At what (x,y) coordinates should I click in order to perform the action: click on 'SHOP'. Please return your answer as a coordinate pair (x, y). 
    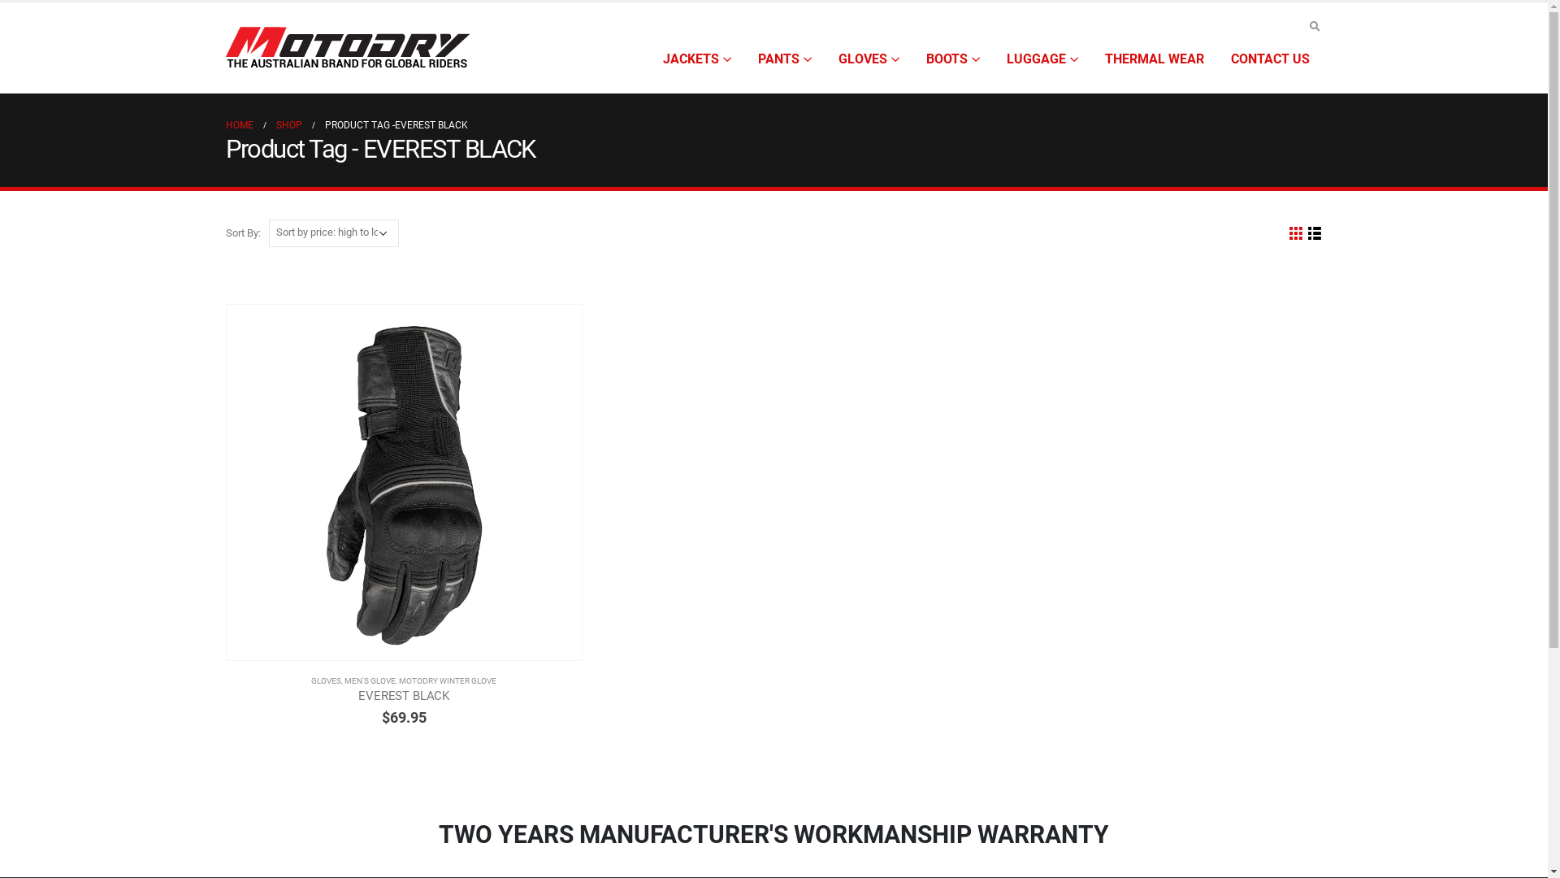
    Looking at the image, I should click on (288, 124).